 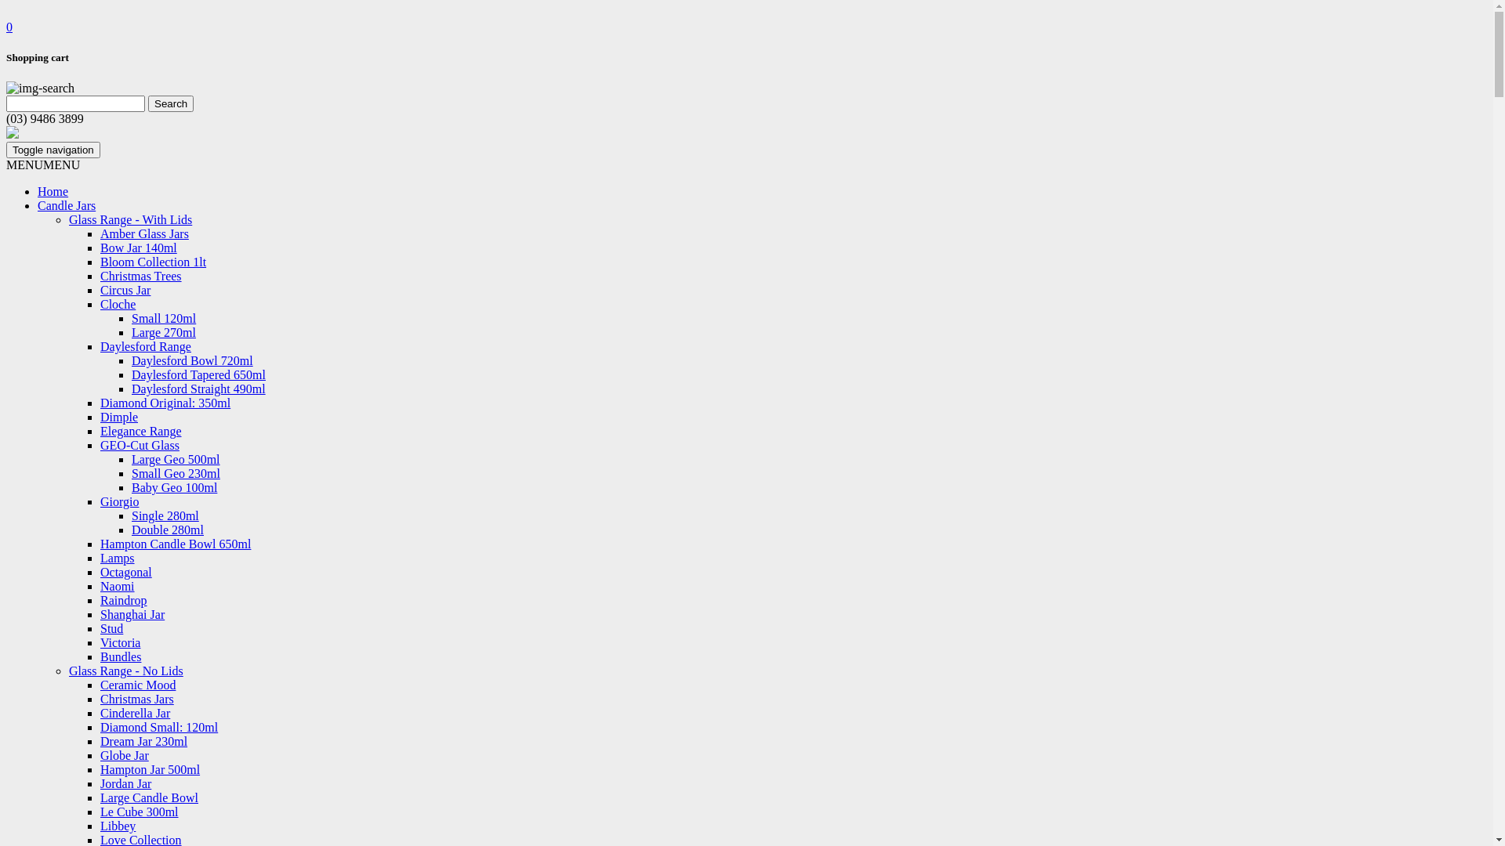 I want to click on 'Diamond Original: 350ml', so click(x=165, y=402).